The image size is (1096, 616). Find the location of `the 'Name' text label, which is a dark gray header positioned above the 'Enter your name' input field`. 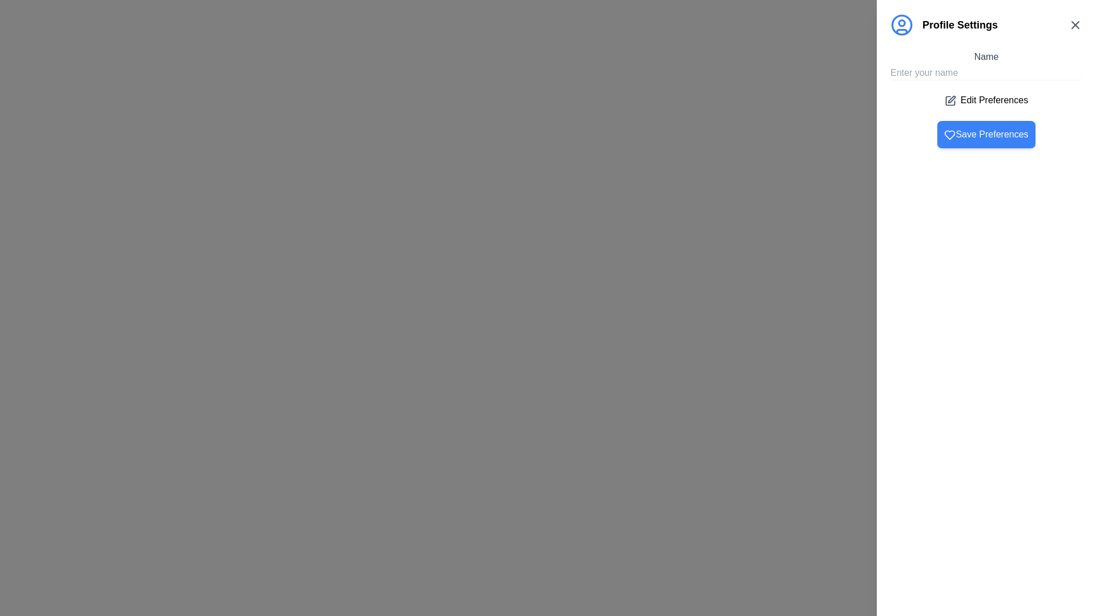

the 'Name' text label, which is a dark gray header positioned above the 'Enter your name' input field is located at coordinates (986, 65).